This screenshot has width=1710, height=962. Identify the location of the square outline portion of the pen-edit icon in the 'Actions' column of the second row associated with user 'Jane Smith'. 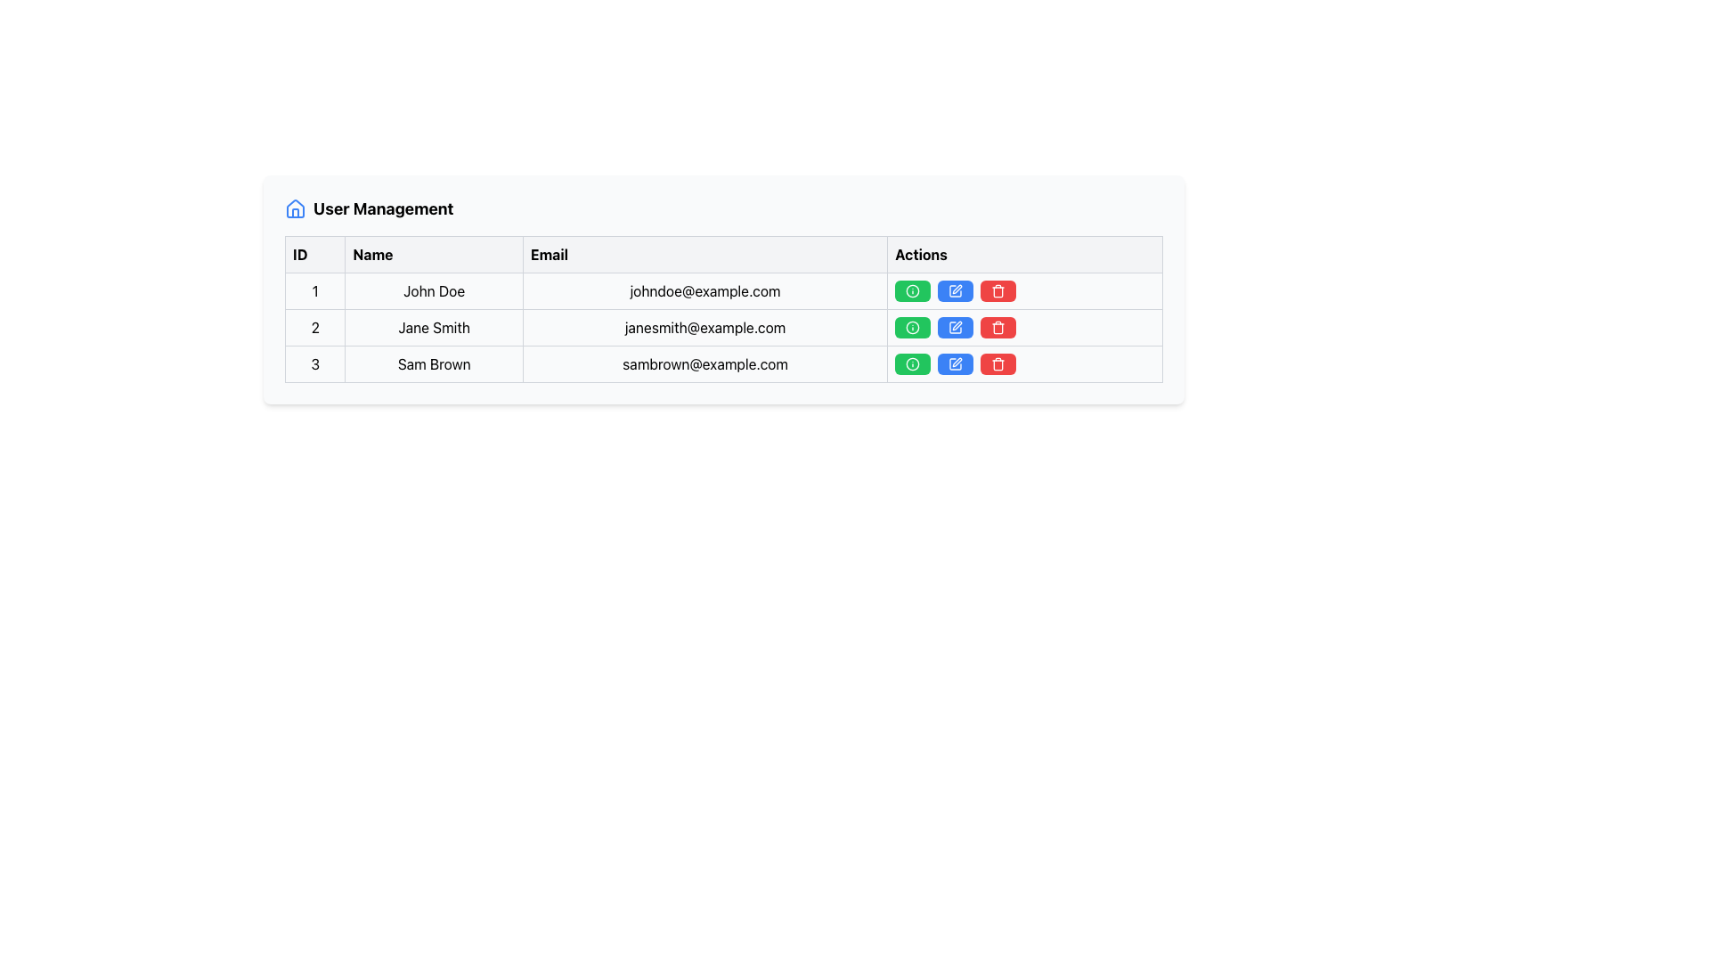
(955, 327).